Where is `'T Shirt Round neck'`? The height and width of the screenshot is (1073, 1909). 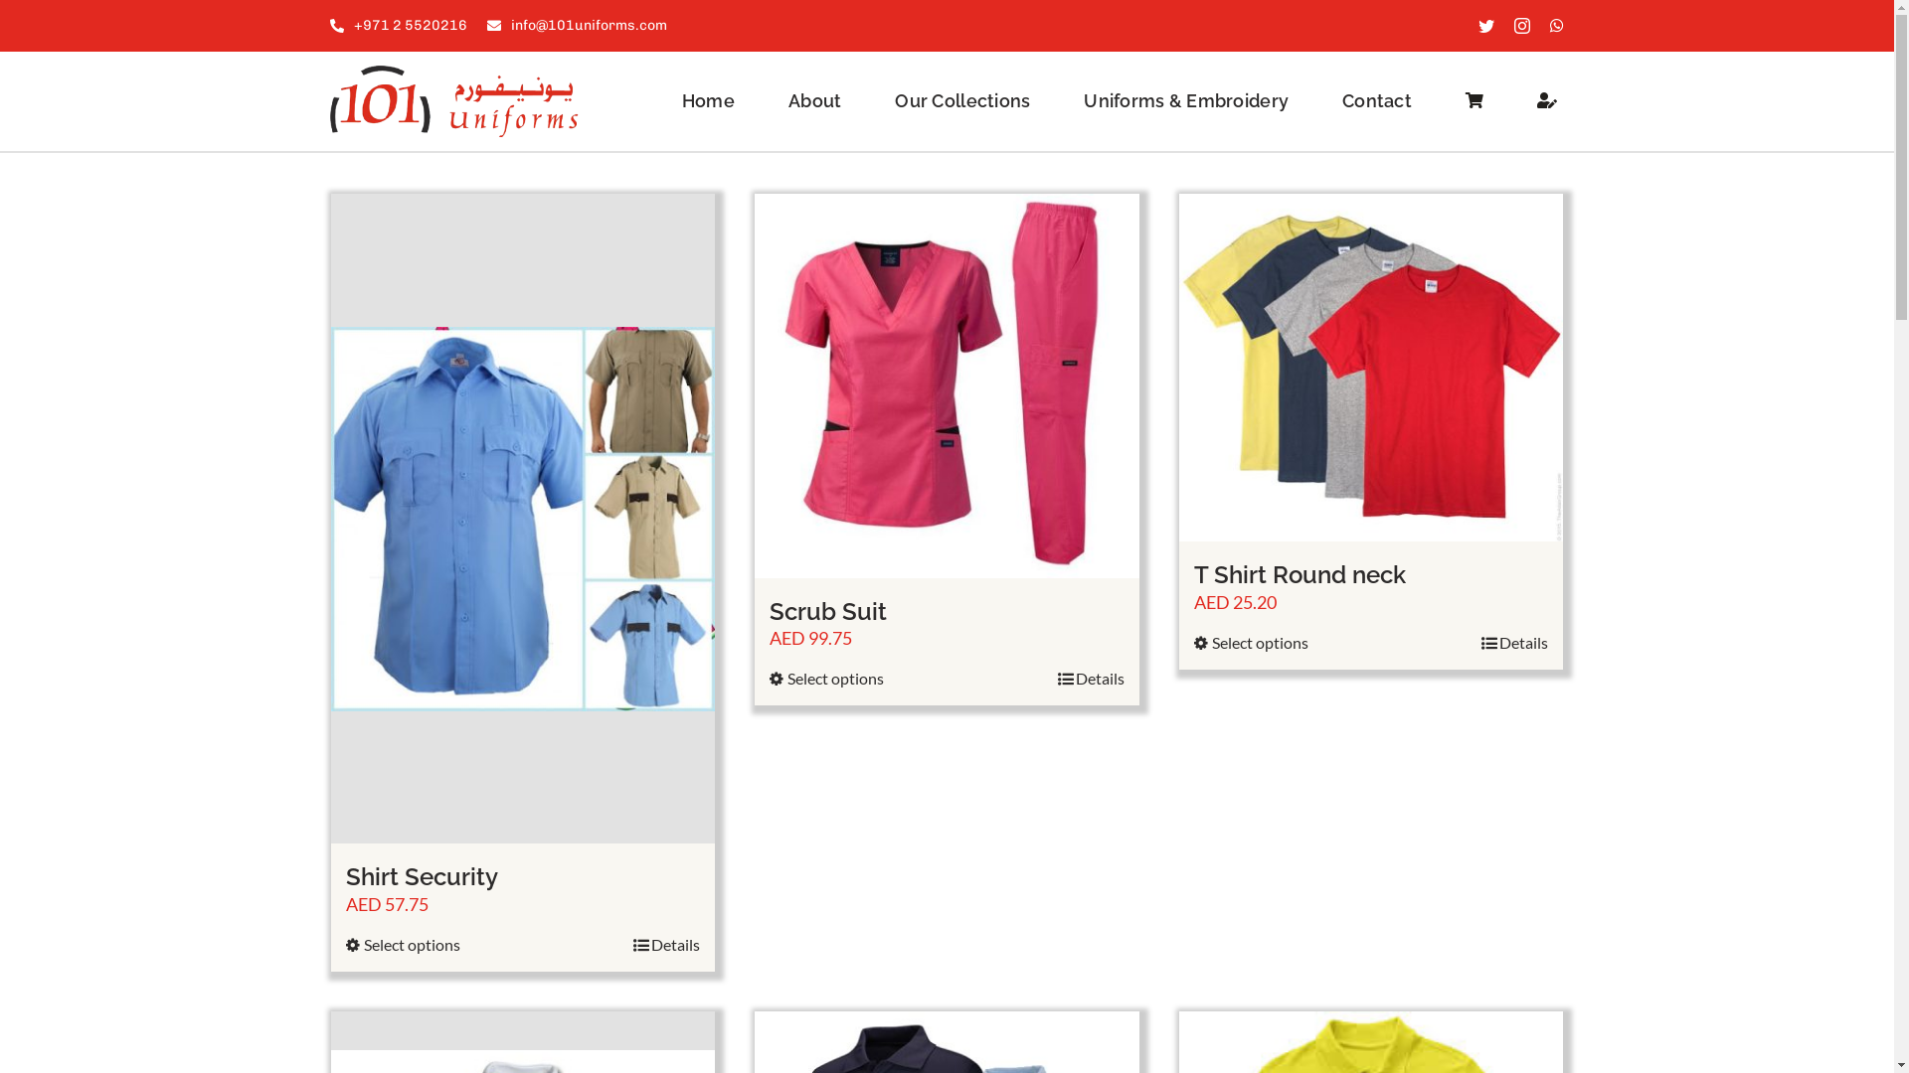
'T Shirt Round neck' is located at coordinates (1300, 574).